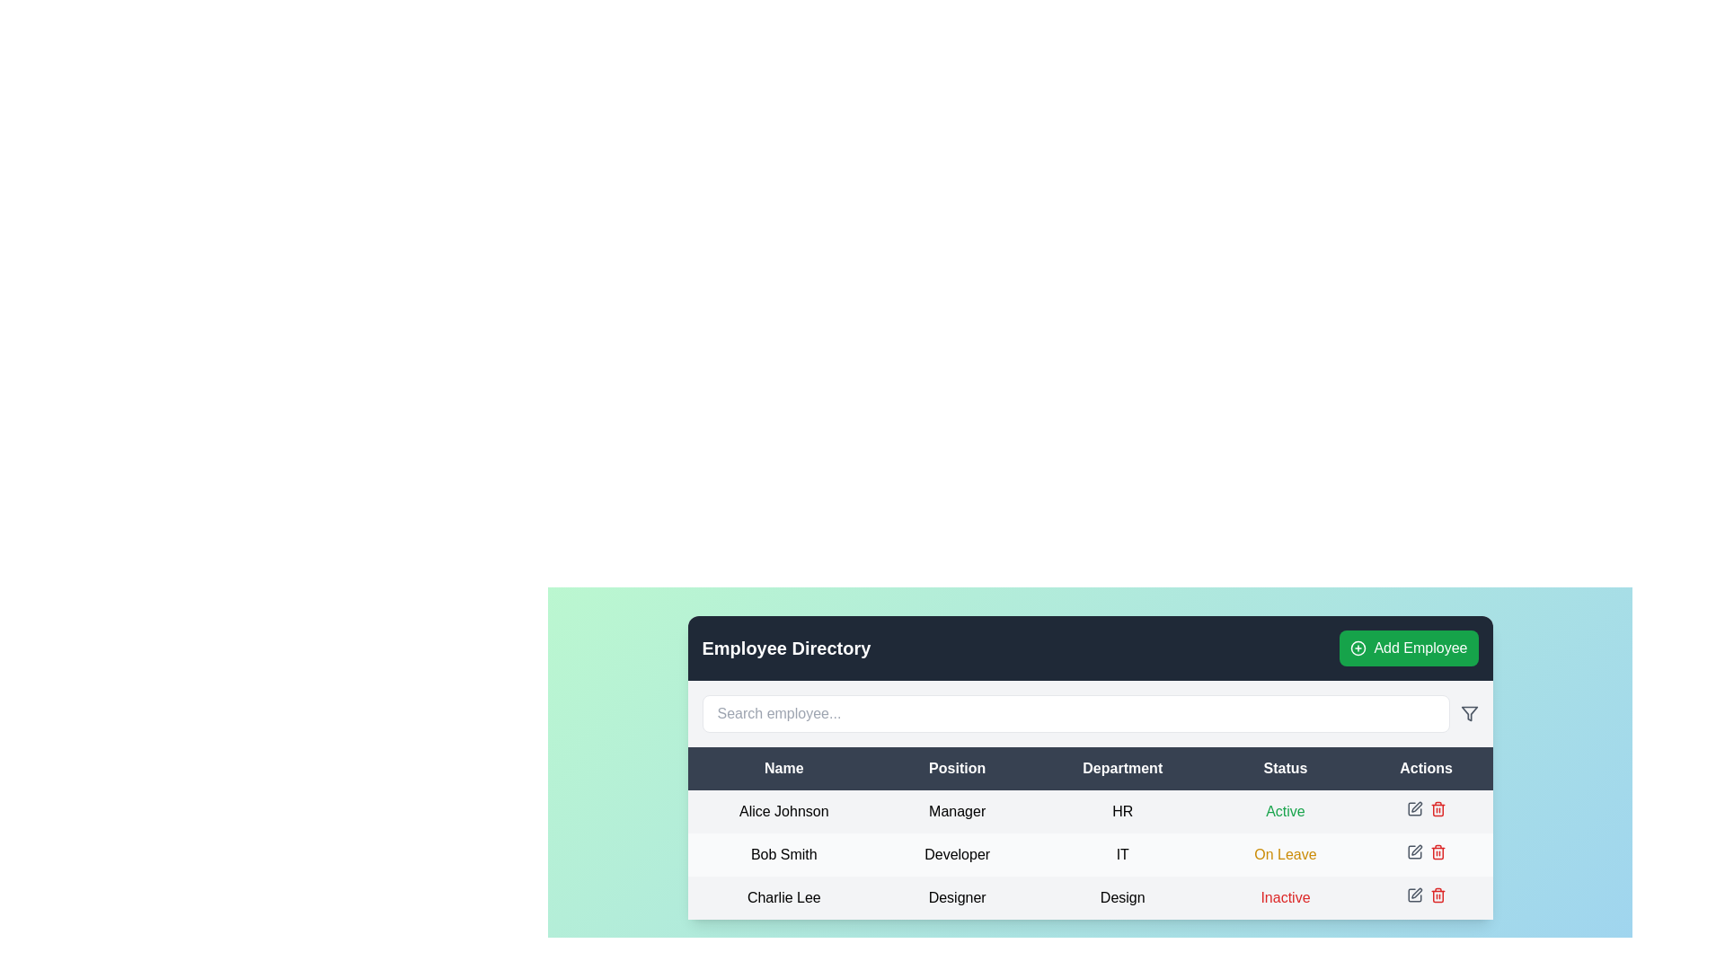  What do you see at coordinates (1284, 811) in the screenshot?
I see `the 'Active' text label in the 'Status' column for 'Alice Johnson' which is displayed in green color` at bounding box center [1284, 811].